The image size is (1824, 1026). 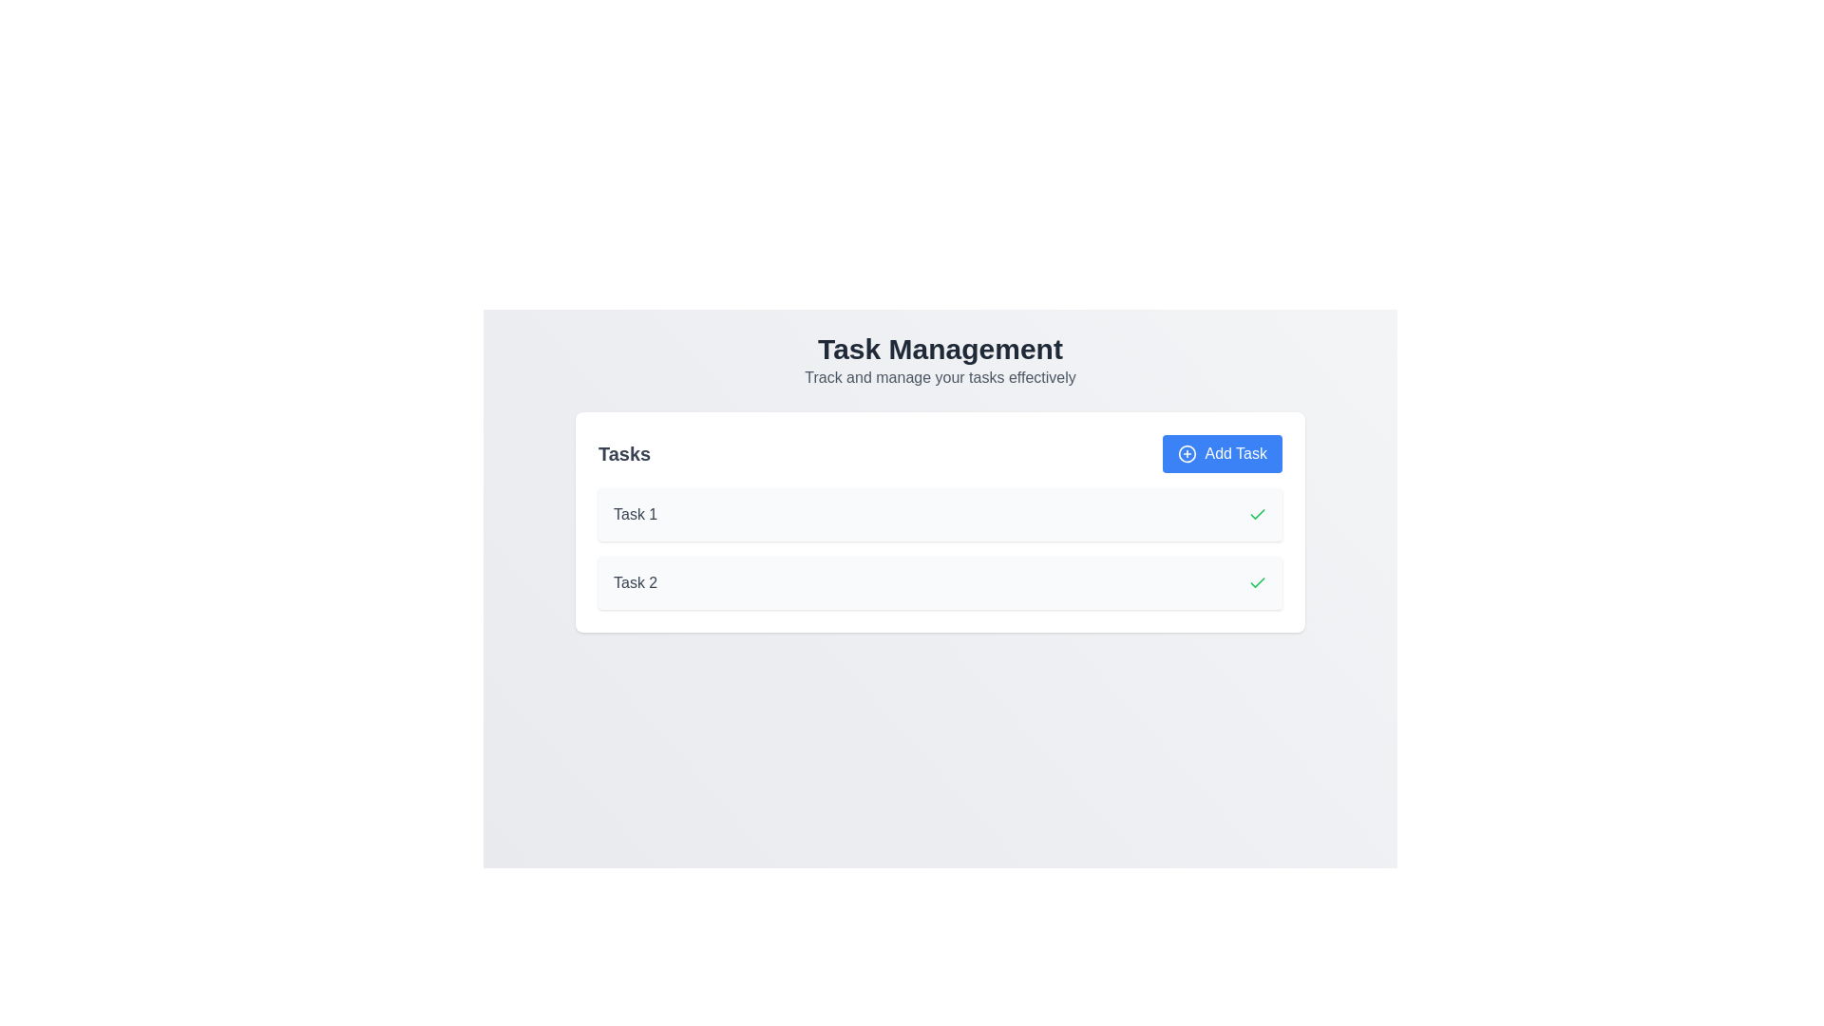 I want to click on the 'Tasks' text label, which is styled in bold uppercase letters and displayed in a grayish tone, so click(x=624, y=454).